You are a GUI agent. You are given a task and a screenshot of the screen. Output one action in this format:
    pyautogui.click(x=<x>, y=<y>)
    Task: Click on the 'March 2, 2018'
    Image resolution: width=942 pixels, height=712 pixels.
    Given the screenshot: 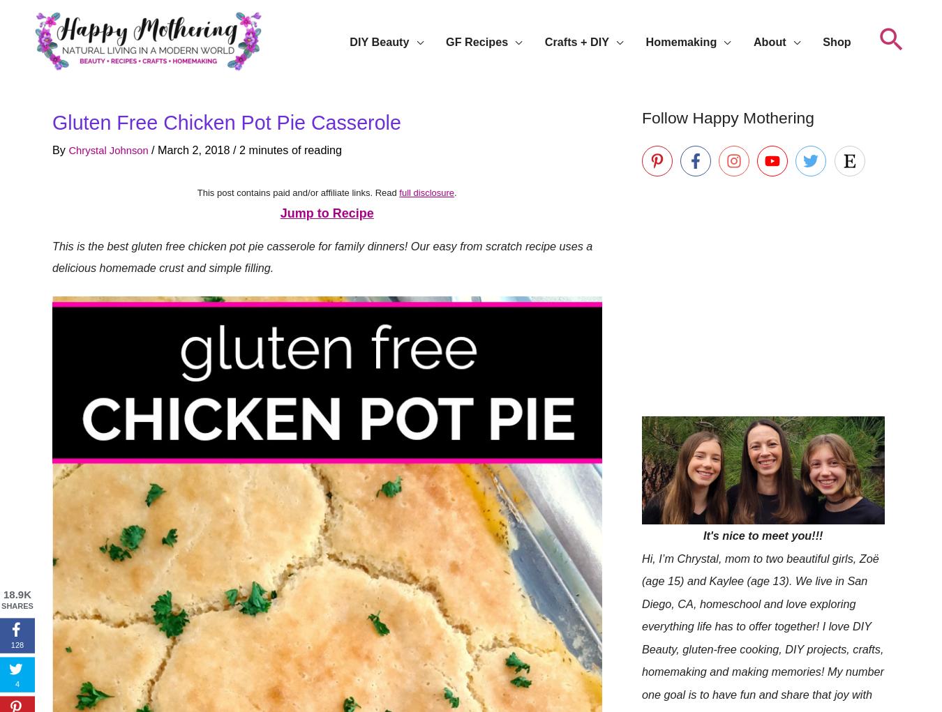 What is the action you would take?
    pyautogui.click(x=202, y=149)
    